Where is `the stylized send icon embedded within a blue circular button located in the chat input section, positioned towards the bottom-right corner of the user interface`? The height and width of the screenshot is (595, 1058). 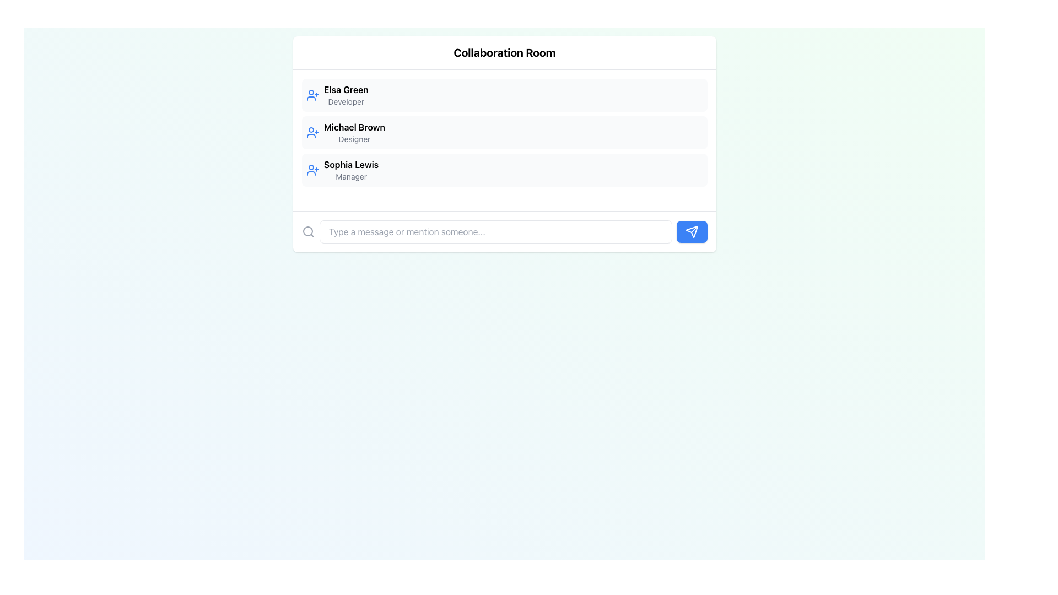
the stylized send icon embedded within a blue circular button located in the chat input section, positioned towards the bottom-right corner of the user interface is located at coordinates (692, 231).